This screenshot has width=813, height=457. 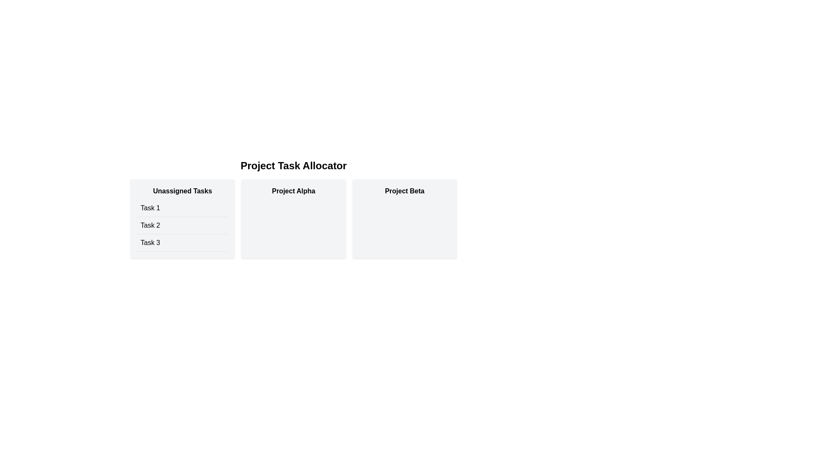 What do you see at coordinates (293, 218) in the screenshot?
I see `the task Task 3 from the project Project Alpha and return it to the unassigned list` at bounding box center [293, 218].